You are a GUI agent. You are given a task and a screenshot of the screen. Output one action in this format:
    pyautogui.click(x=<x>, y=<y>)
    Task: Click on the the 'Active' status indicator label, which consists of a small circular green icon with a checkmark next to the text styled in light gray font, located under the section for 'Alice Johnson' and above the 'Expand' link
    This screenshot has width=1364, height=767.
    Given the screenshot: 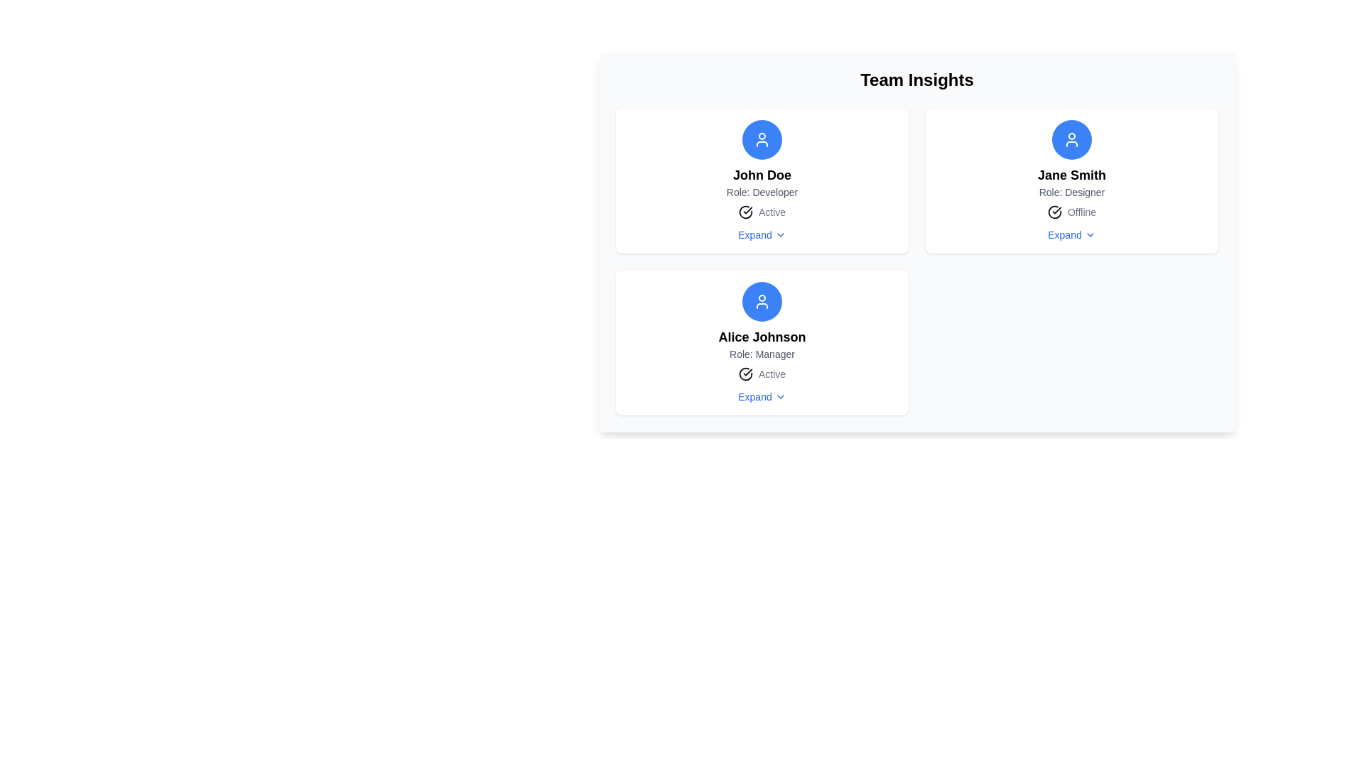 What is the action you would take?
    pyautogui.click(x=762, y=374)
    